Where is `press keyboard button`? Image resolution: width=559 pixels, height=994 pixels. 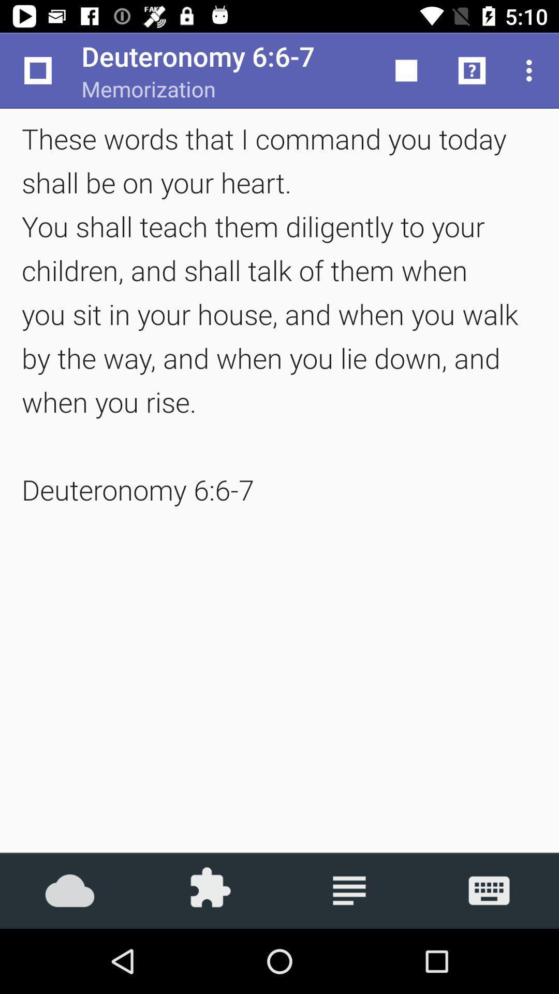
press keyboard button is located at coordinates (489, 890).